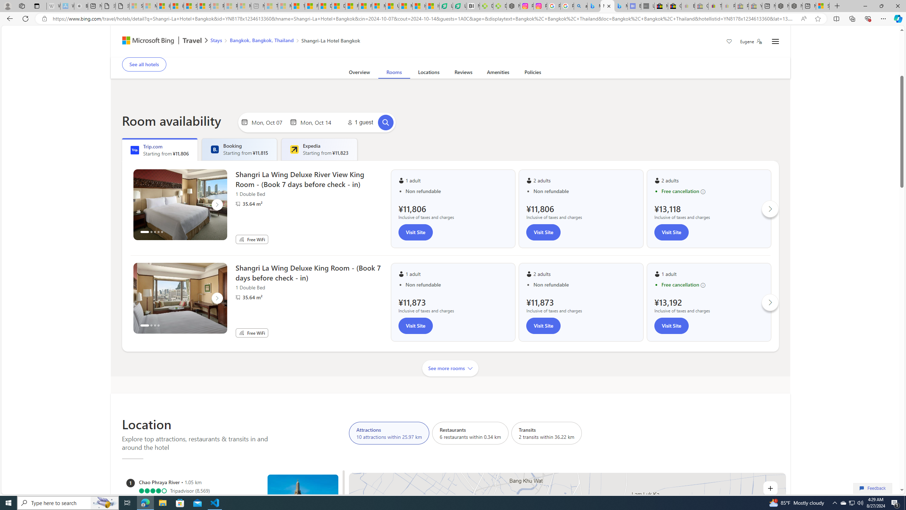  Describe the element at coordinates (459, 6) in the screenshot. I see `'LendingTree - Compare Lenders'` at that location.